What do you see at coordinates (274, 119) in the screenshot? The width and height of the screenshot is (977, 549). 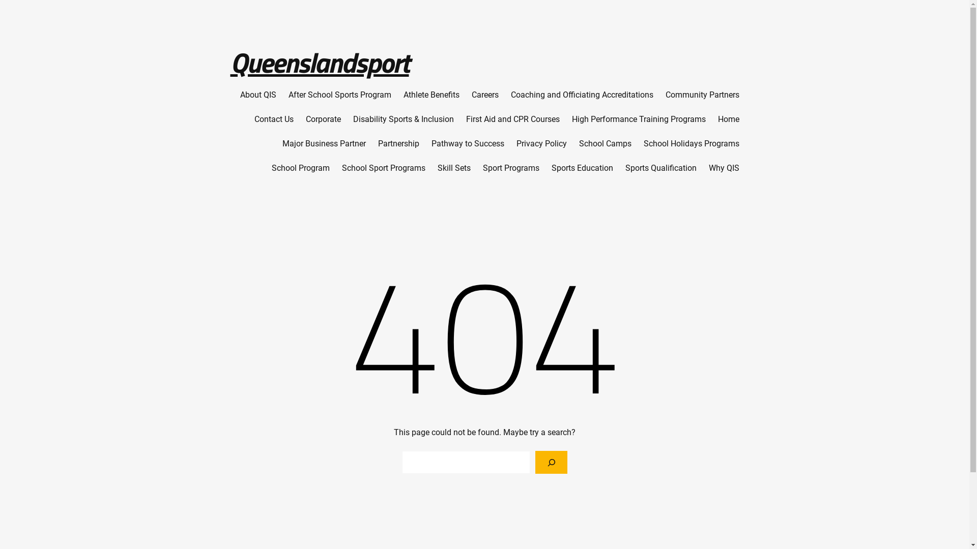 I see `'Contact Us'` at bounding box center [274, 119].